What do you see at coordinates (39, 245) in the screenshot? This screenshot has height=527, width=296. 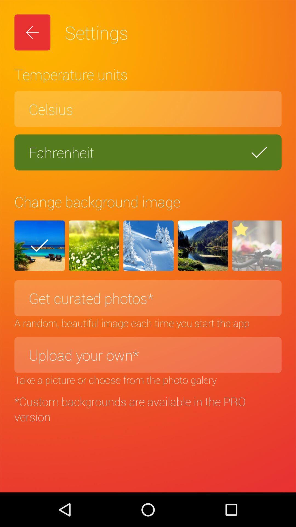 I see `the check icon` at bounding box center [39, 245].